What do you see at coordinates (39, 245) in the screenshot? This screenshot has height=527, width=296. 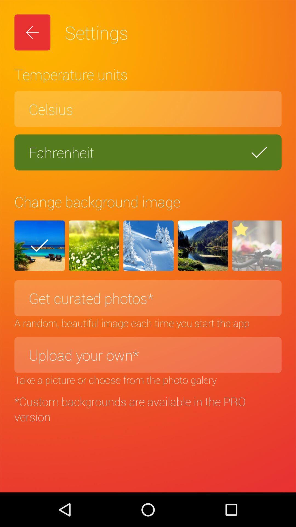 I see `the check icon` at bounding box center [39, 245].